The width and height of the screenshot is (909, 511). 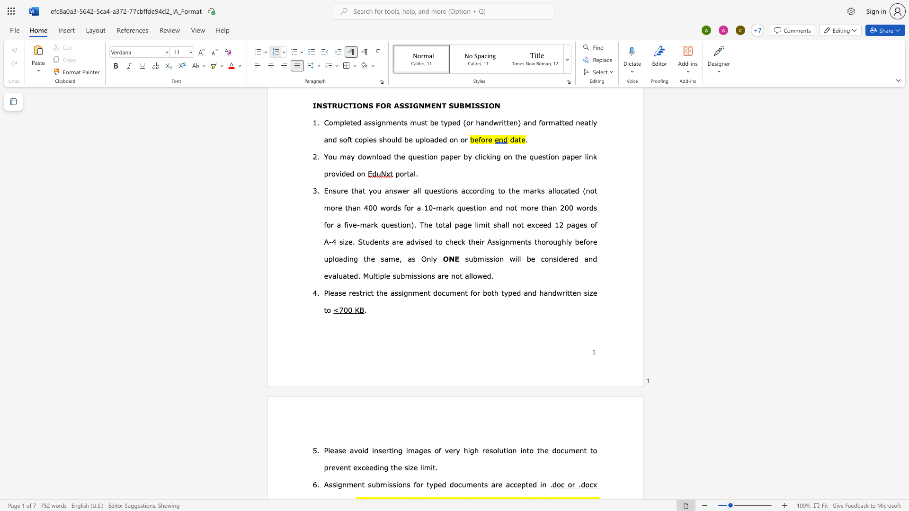 What do you see at coordinates (389, 450) in the screenshot?
I see `the space between the continuous character "r" and "t" in the text` at bounding box center [389, 450].